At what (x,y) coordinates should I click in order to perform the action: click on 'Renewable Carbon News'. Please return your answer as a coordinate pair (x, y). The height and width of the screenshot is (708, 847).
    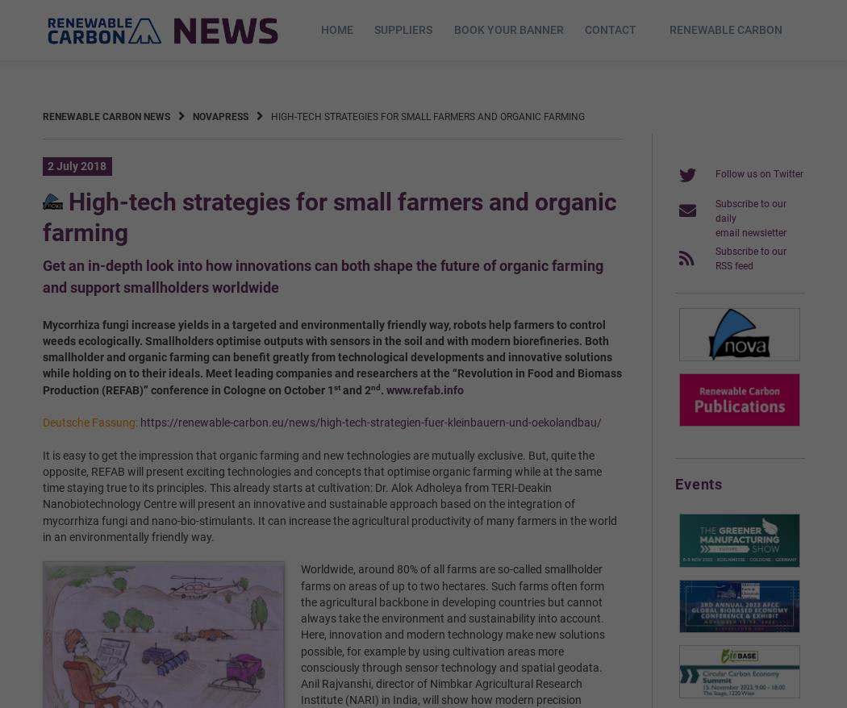
    Looking at the image, I should click on (40, 115).